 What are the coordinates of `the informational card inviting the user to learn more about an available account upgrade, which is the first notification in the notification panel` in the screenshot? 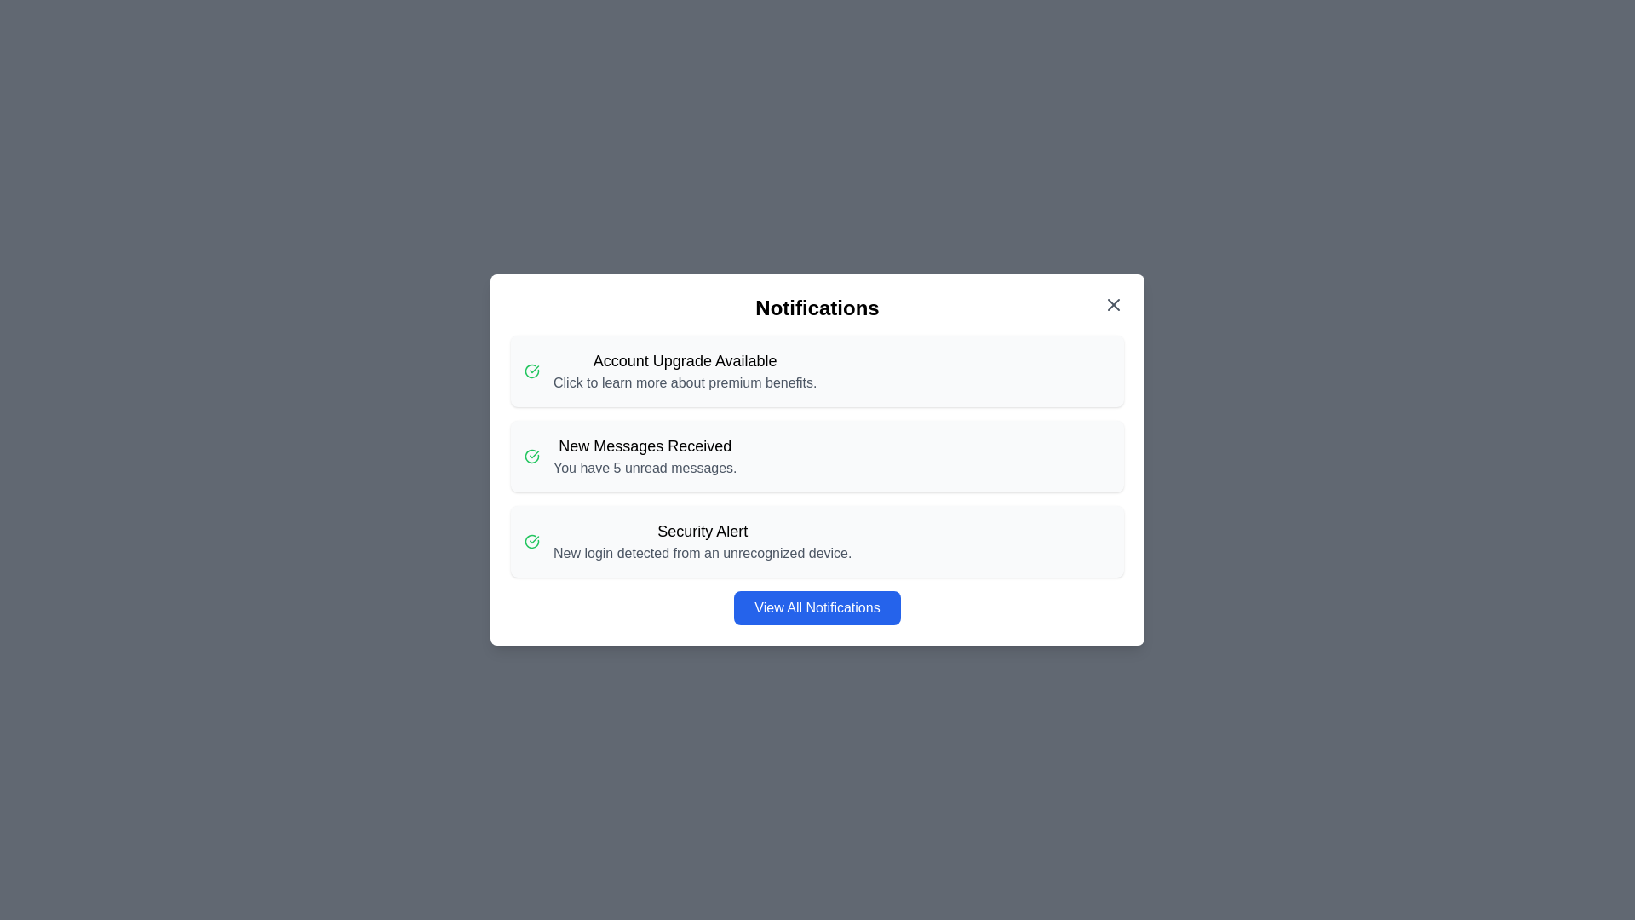 It's located at (817, 370).